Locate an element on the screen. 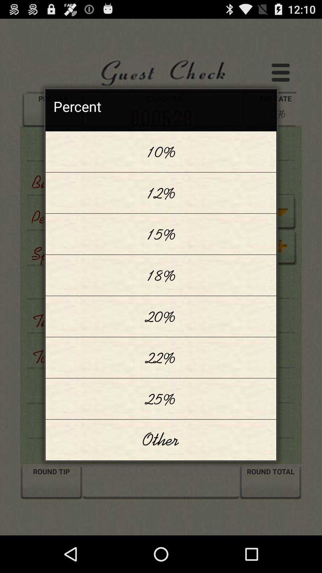  15% item is located at coordinates (161, 234).